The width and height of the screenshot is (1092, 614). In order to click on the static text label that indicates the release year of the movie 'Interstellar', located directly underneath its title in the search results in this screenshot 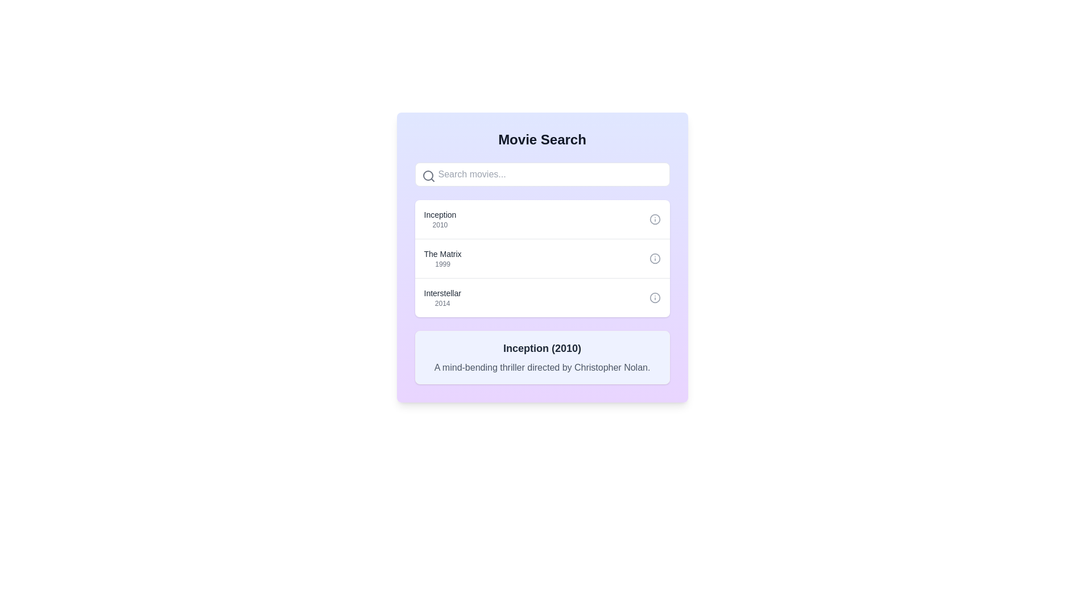, I will do `click(442, 302)`.